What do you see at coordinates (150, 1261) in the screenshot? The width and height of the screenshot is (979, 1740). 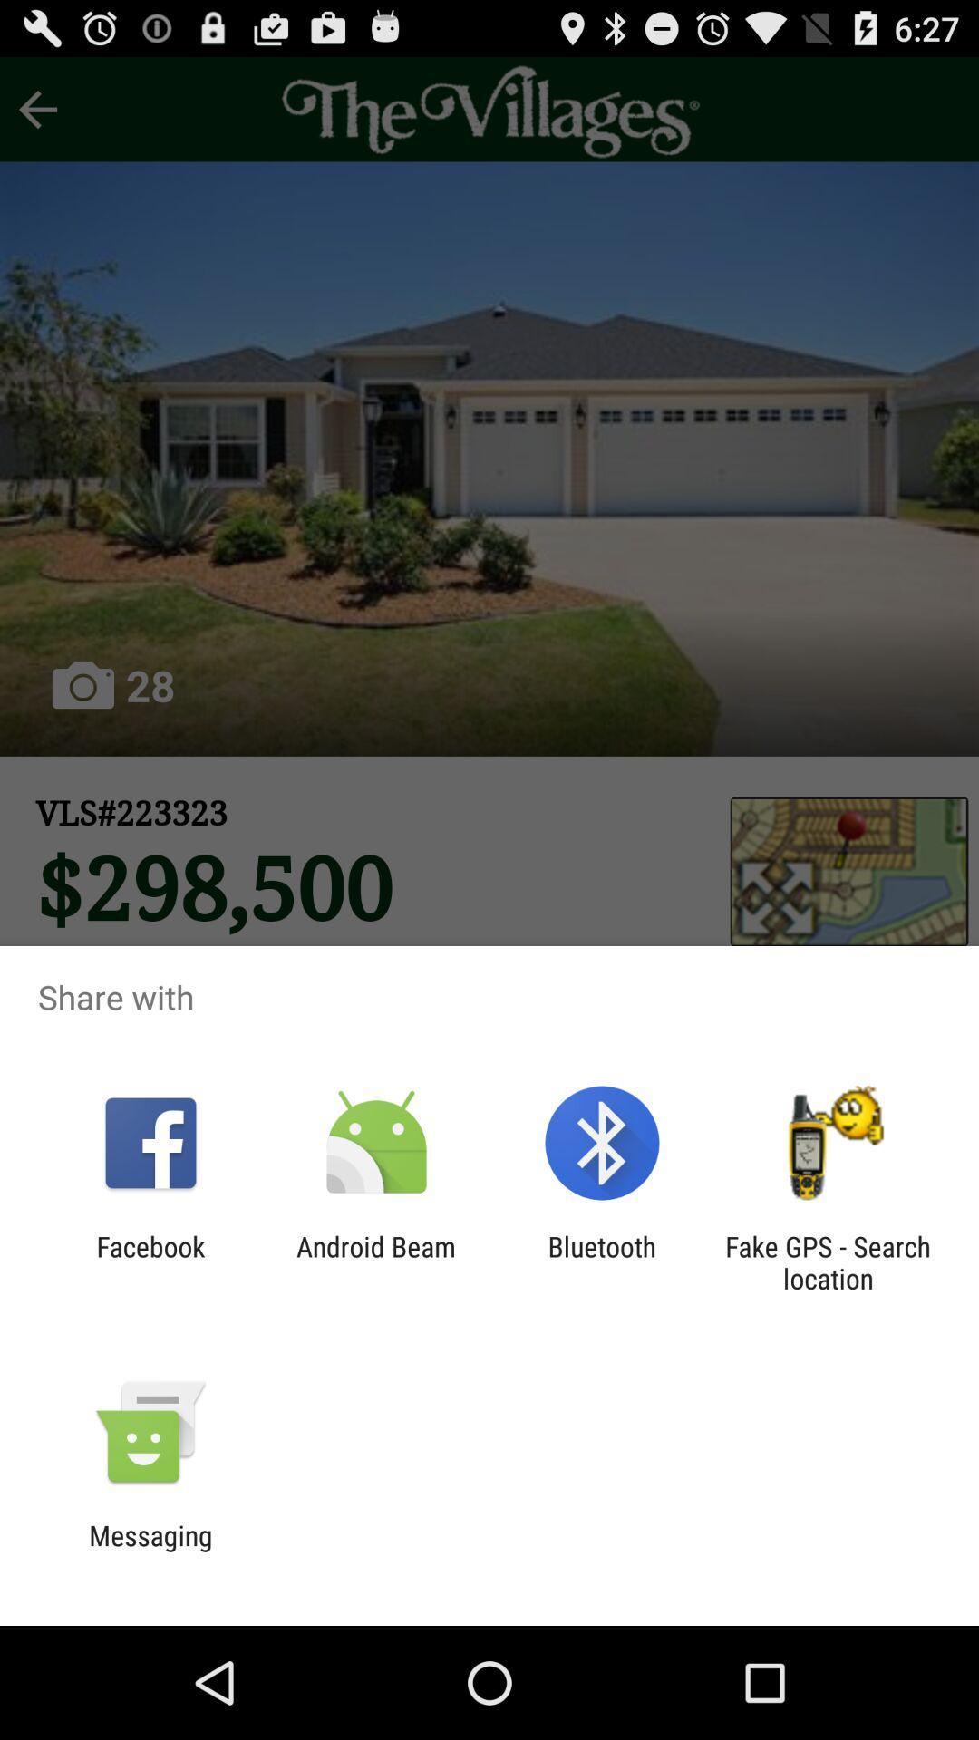 I see `the icon next to android beam app` at bounding box center [150, 1261].